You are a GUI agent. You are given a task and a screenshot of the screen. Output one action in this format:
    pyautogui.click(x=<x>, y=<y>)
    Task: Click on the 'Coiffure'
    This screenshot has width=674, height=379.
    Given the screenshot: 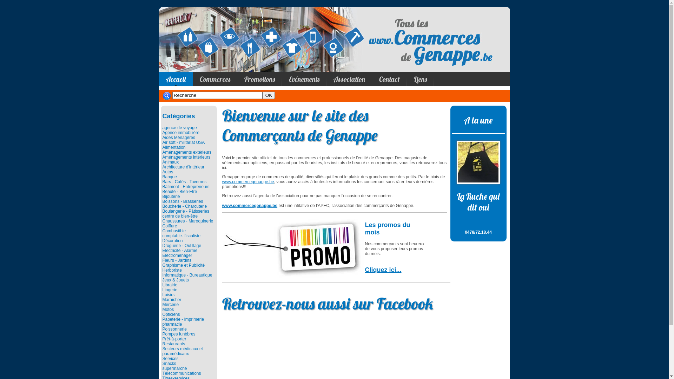 What is the action you would take?
    pyautogui.click(x=170, y=226)
    